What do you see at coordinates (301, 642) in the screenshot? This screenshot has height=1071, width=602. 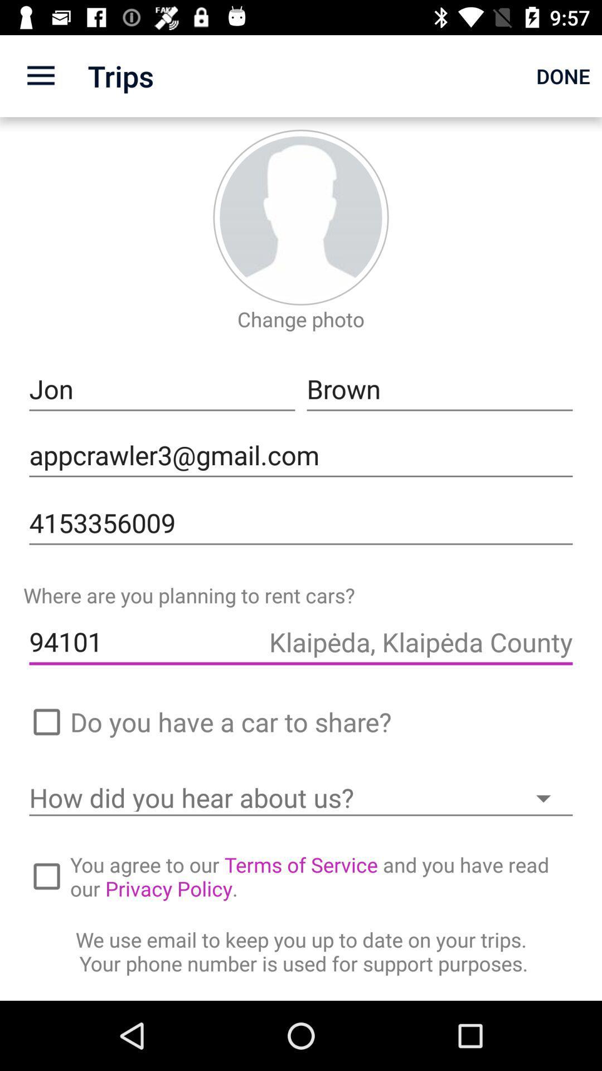 I see `the icon above the do you have` at bounding box center [301, 642].